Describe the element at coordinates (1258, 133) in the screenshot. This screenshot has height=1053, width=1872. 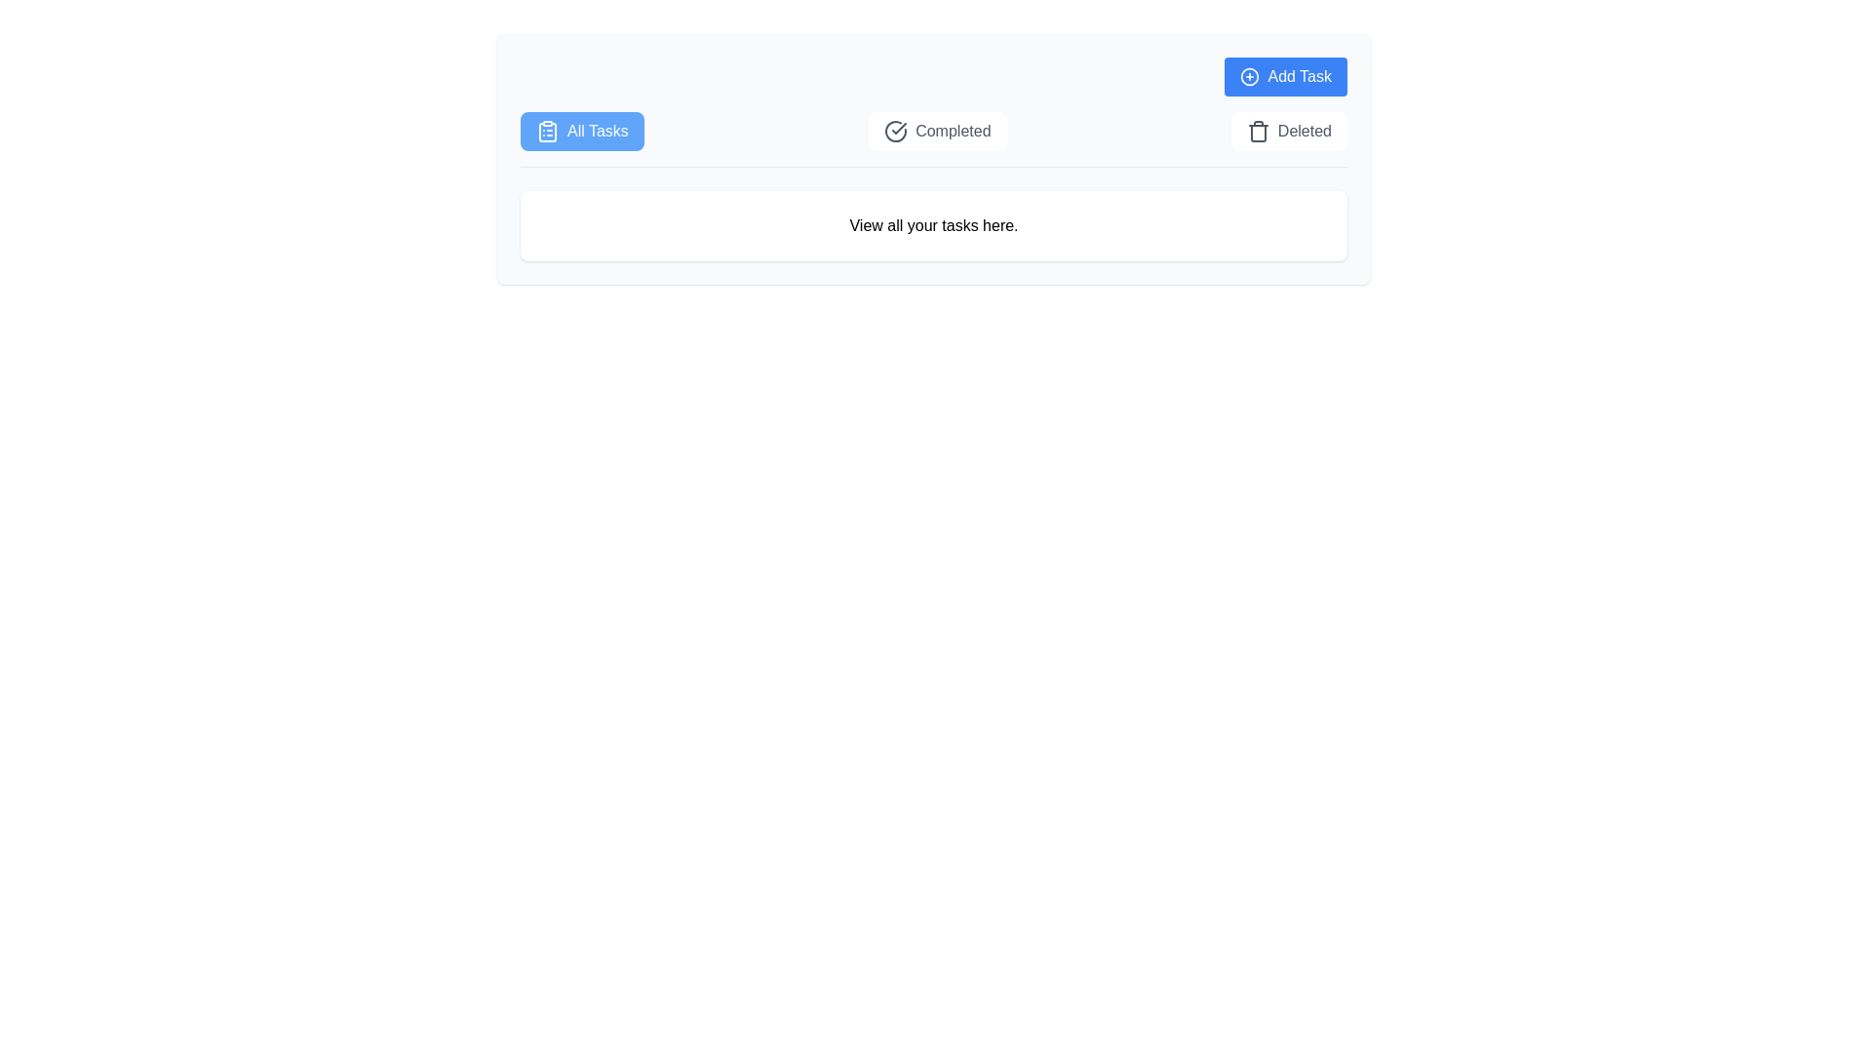
I see `the trash icon representing the delete function, which is visually located to the right of the 'Add Task' button` at that location.